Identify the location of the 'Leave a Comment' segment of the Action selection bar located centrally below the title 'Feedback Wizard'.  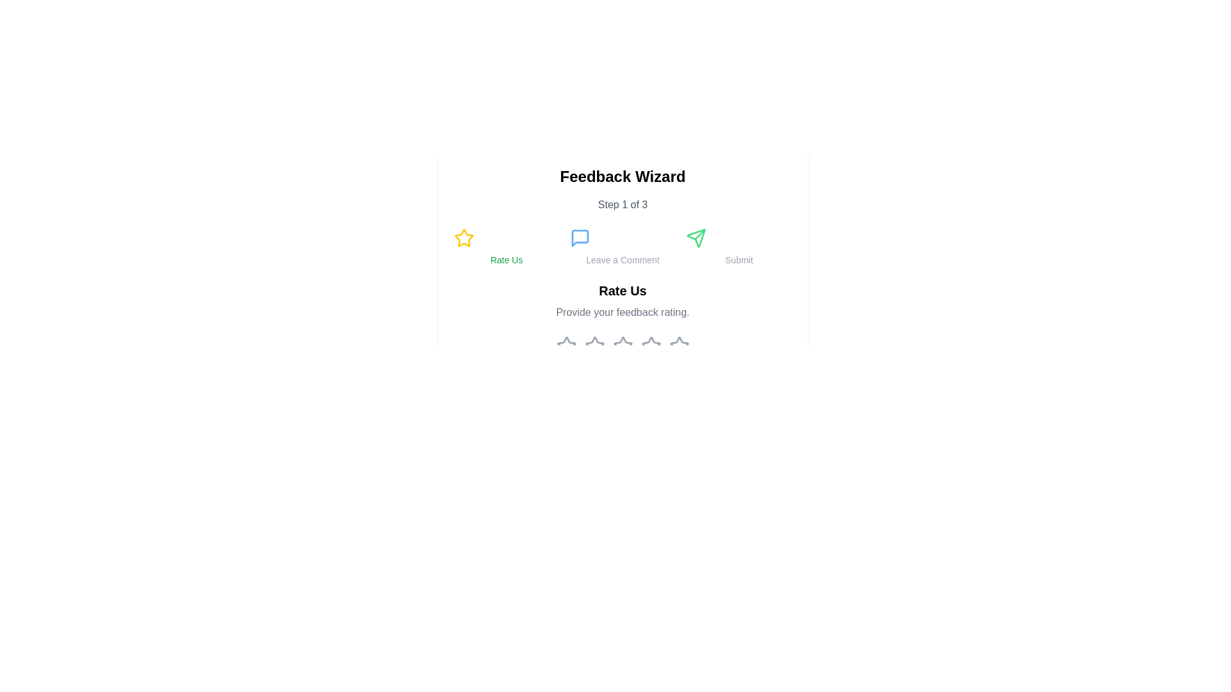
(623, 247).